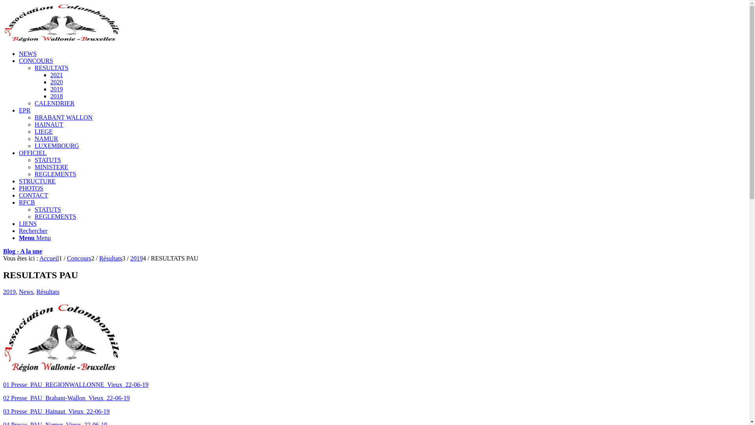 This screenshot has width=755, height=425. I want to click on 'STRUCTURE', so click(37, 181).